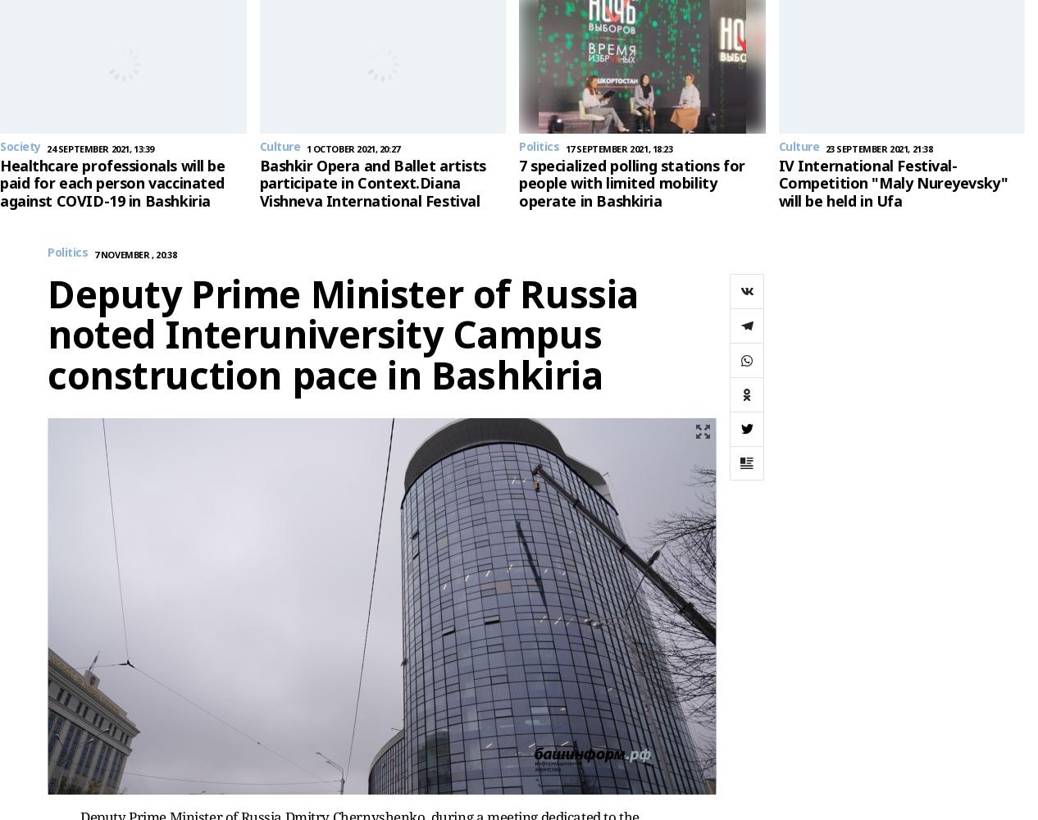 The width and height of the screenshot is (1038, 820). I want to click on '23 September 2021, 21:38', so click(824, 148).